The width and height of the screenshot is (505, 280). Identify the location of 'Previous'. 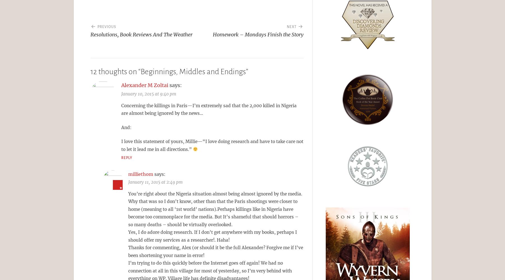
(106, 26).